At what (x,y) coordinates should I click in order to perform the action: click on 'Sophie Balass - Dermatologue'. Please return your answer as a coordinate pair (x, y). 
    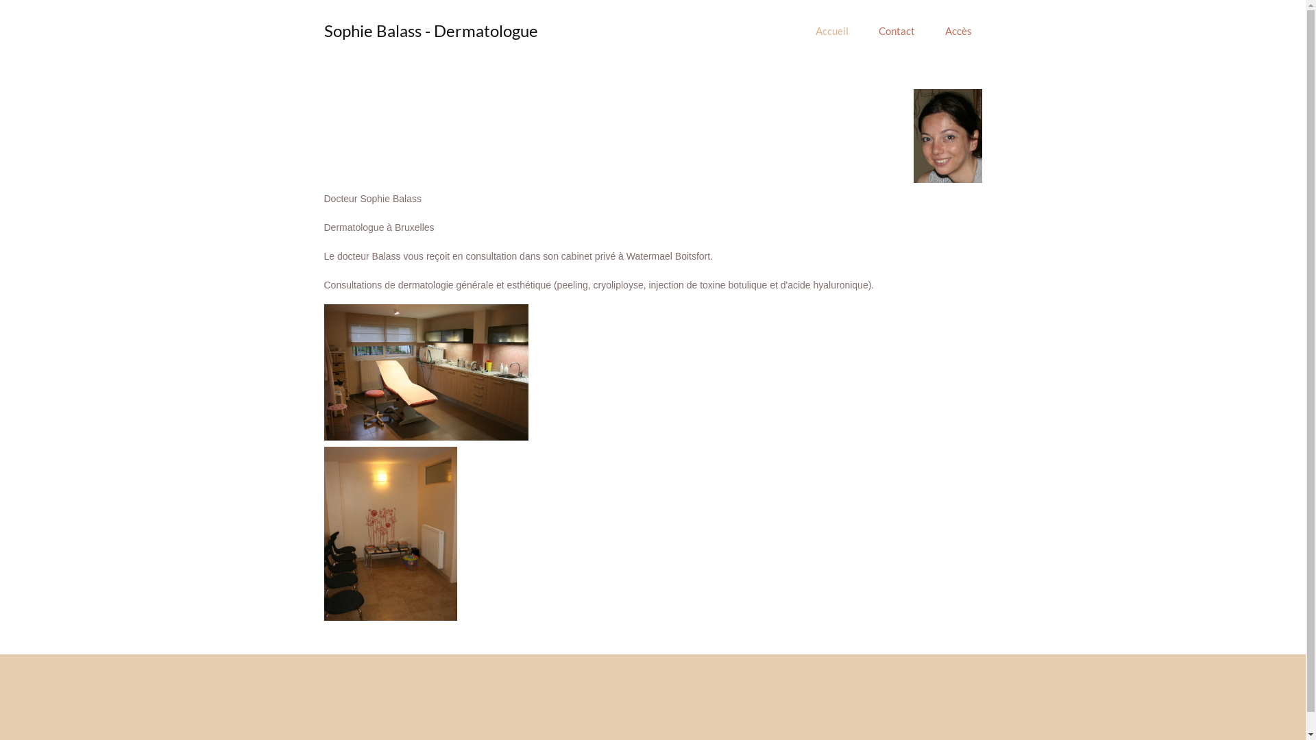
    Looking at the image, I should click on (430, 30).